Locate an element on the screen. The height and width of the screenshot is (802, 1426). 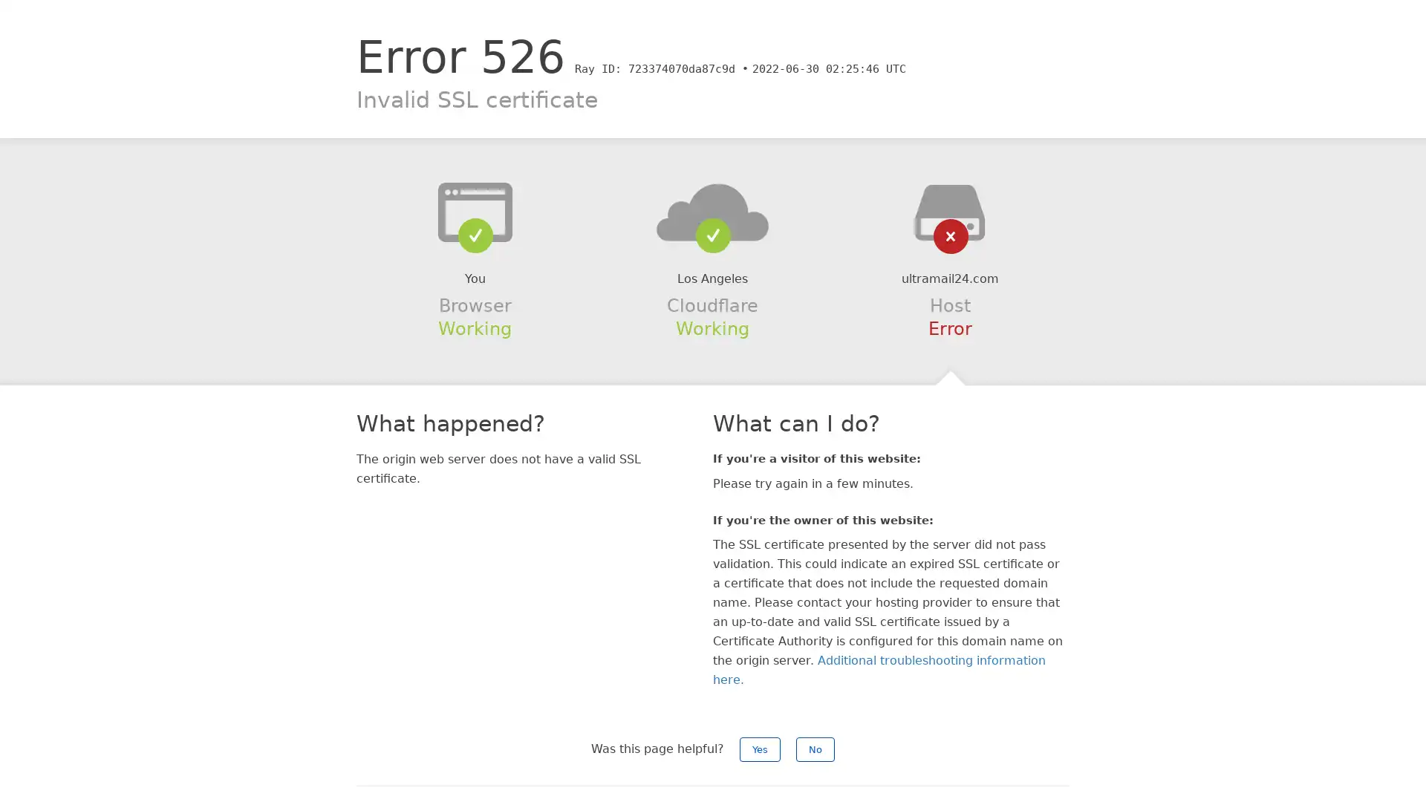
No is located at coordinates (815, 749).